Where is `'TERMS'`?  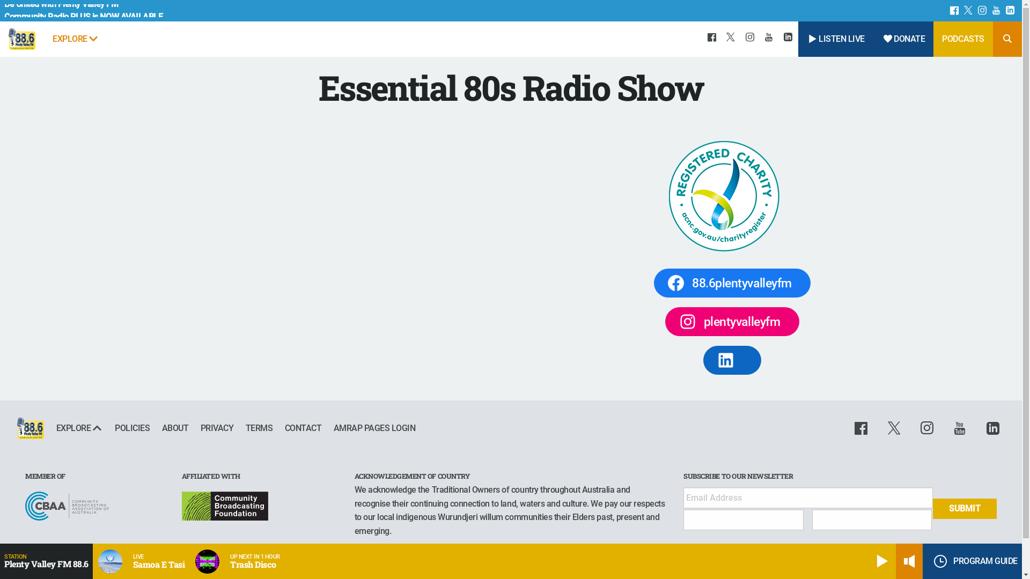
'TERMS' is located at coordinates (259, 427).